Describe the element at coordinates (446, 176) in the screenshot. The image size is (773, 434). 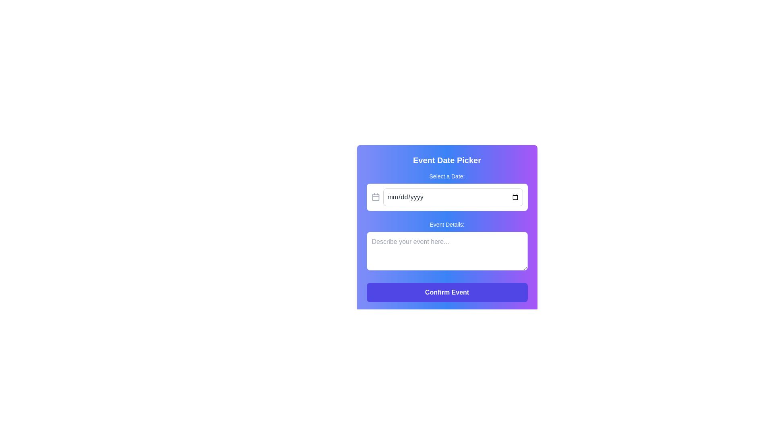
I see `the informational label positioned above the date-picker input field, which provides context for the date input` at that location.